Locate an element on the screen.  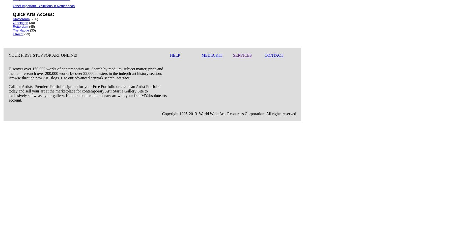
'Utrecht' is located at coordinates (13, 34).